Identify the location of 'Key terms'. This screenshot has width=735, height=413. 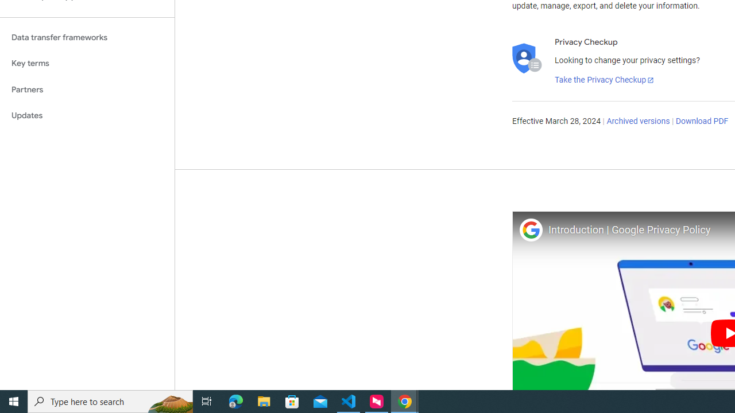
(87, 63).